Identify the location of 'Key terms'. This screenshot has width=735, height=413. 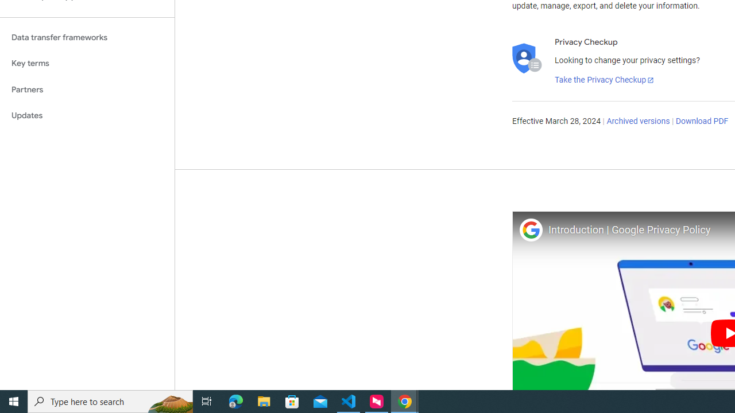
(87, 63).